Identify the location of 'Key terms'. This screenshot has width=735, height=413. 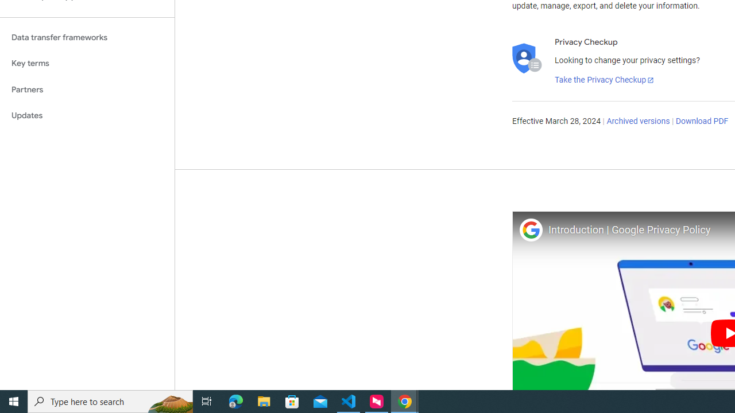
(87, 63).